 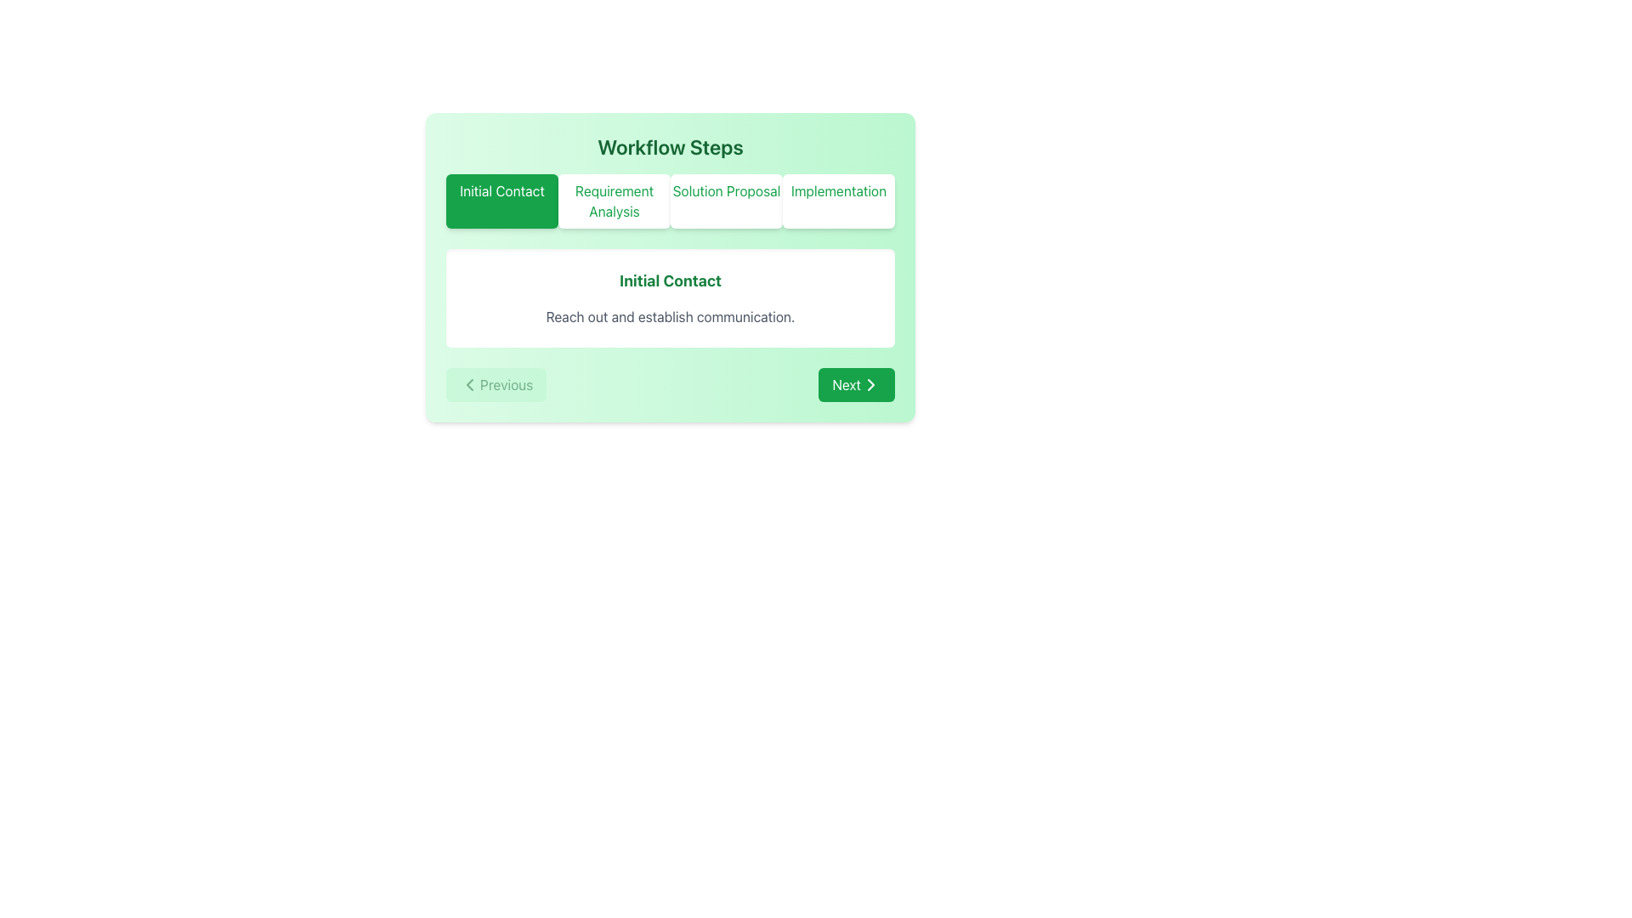 I want to click on the 'Implementation' step button, which is the fourth item in a horizontal list of workflow steps located below the heading 'Workflow Steps', so click(x=839, y=200).